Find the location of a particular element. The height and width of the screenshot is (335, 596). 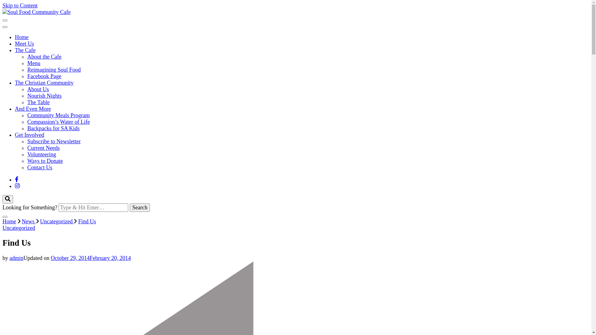

'The Cafe' is located at coordinates (25, 50).